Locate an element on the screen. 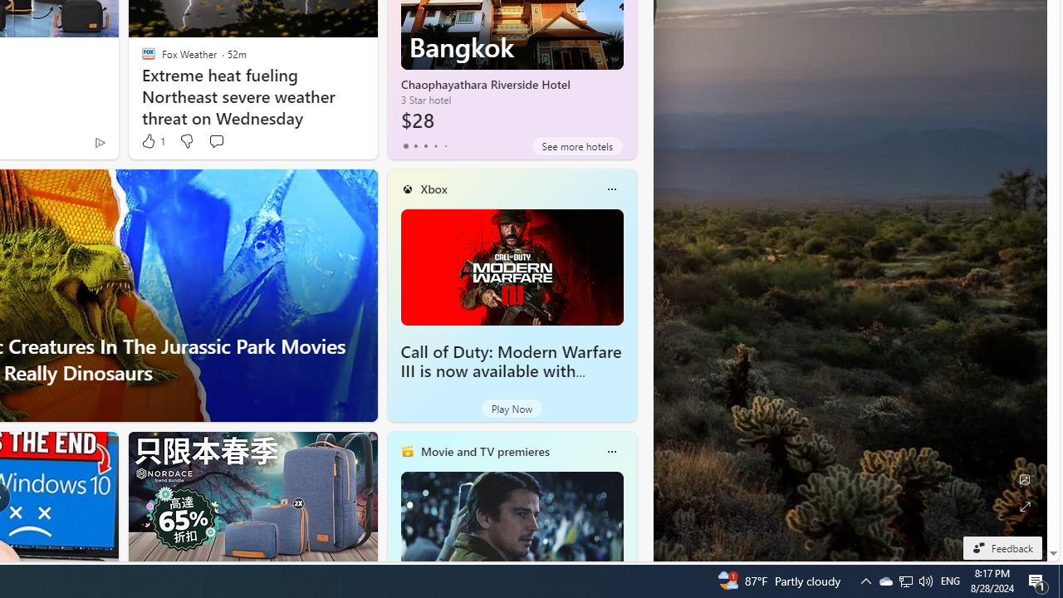  '1 Like' is located at coordinates (152, 140).